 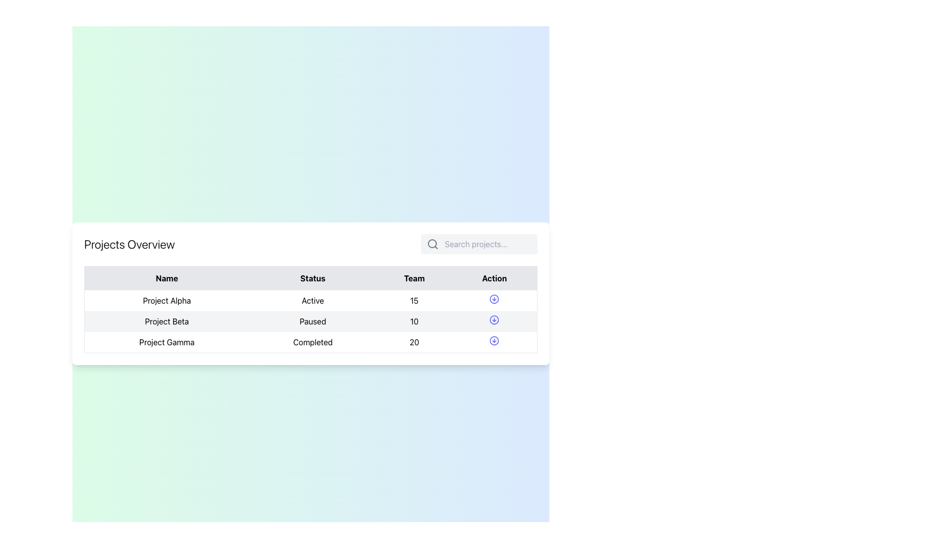 I want to click on the second action button in the 'Action' column of the table corresponding to 'Project Beta', so click(x=494, y=320).